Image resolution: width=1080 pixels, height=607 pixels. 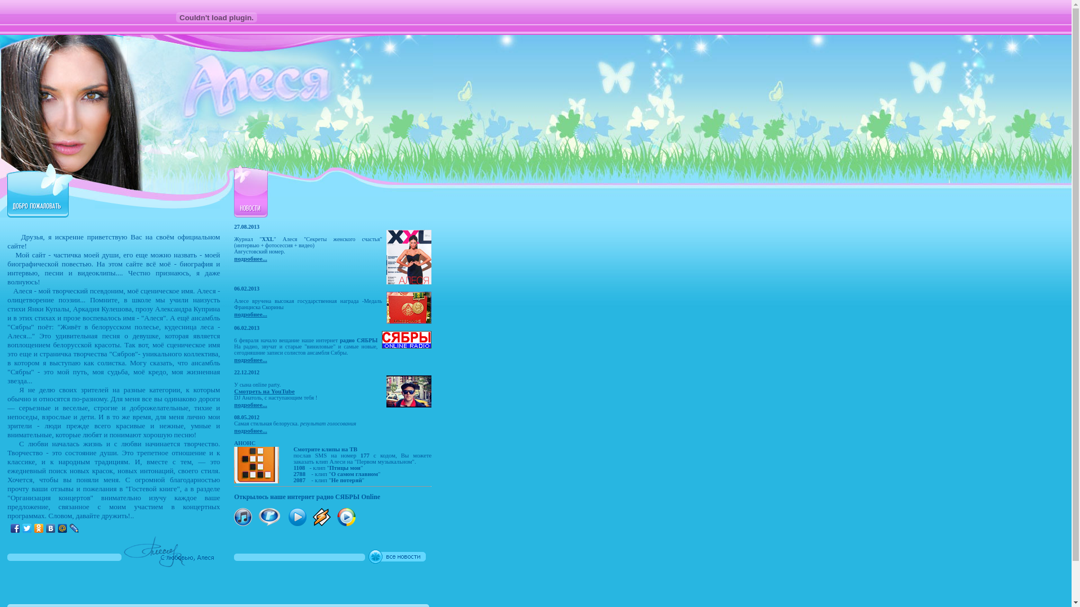 What do you see at coordinates (15, 528) in the screenshot?
I see `'Facebook'` at bounding box center [15, 528].